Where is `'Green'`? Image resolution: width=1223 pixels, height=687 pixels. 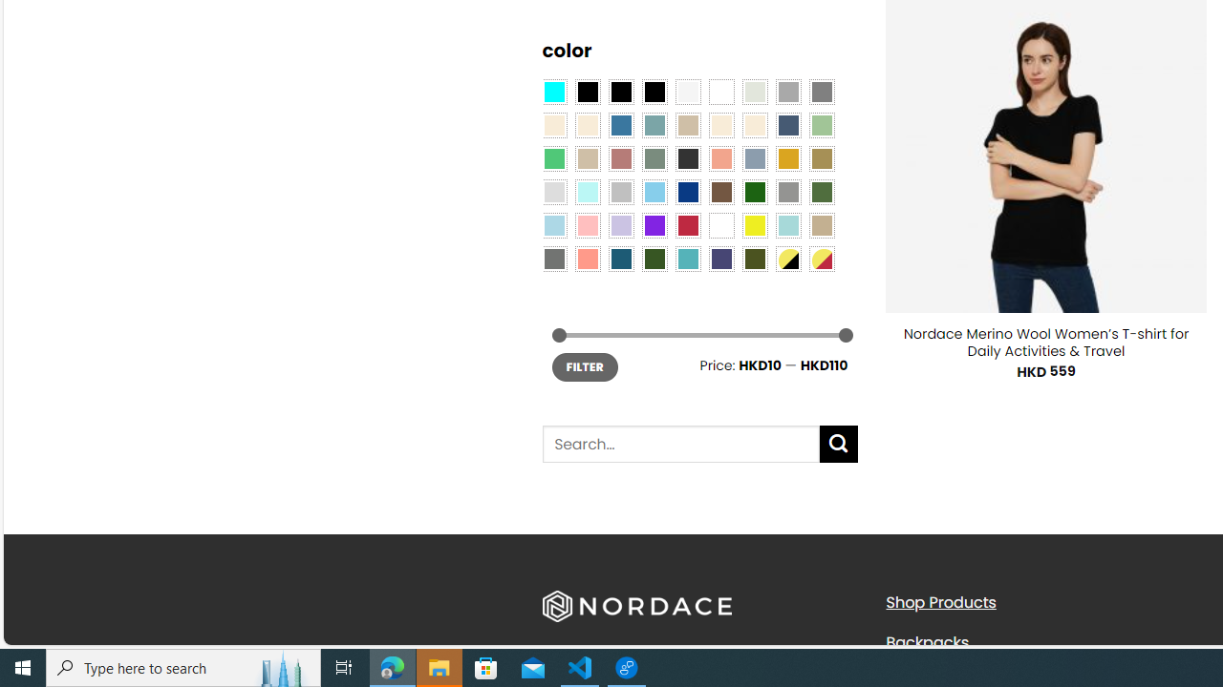
'Green' is located at coordinates (822, 191).